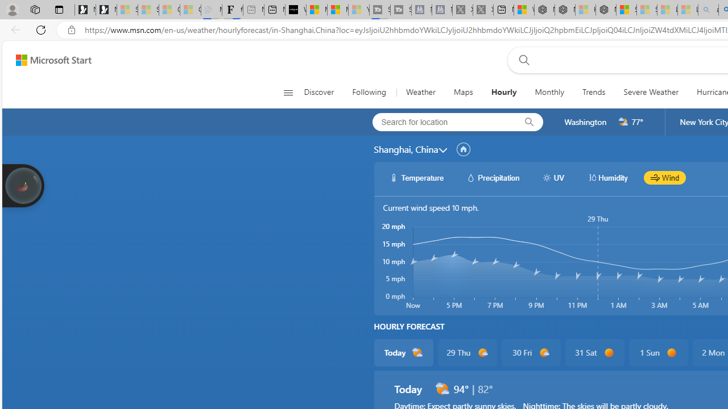 This screenshot has height=409, width=728. I want to click on 'hourlyChart/uvWhite UV', so click(553, 177).